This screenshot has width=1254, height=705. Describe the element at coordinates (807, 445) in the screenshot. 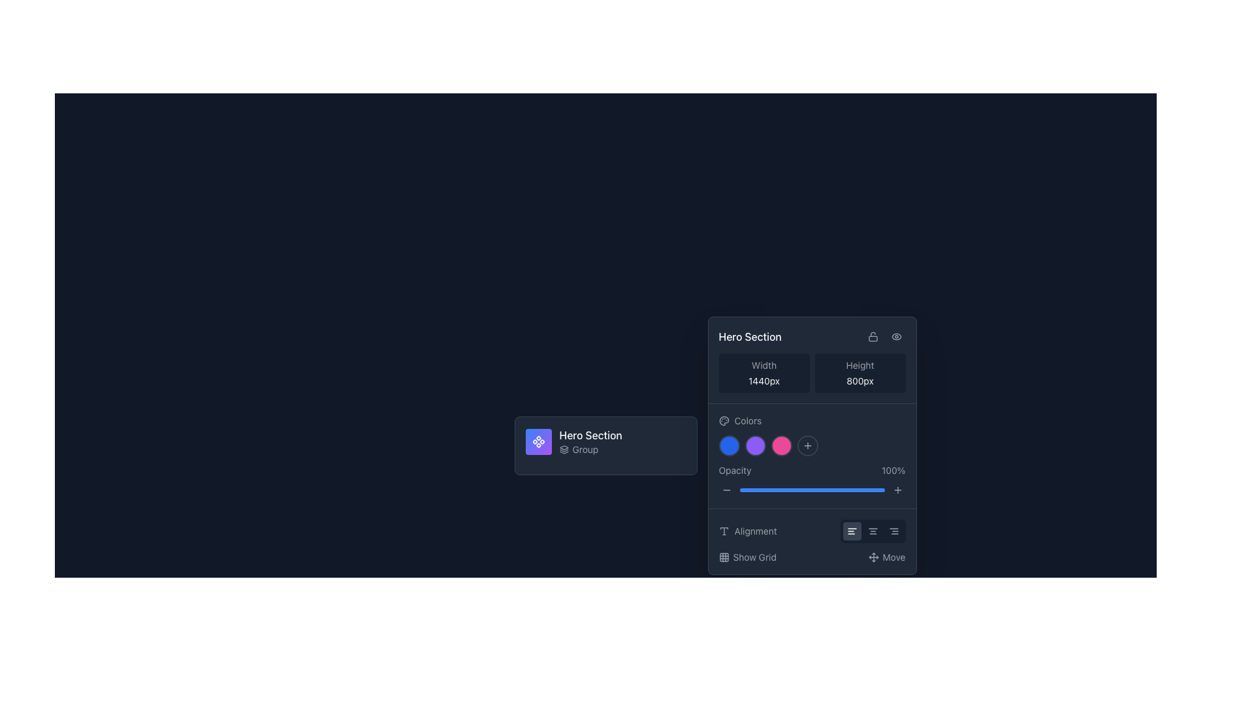

I see `the plus icon button located at the bottom-right section of the panel to trigger visual feedback` at that location.